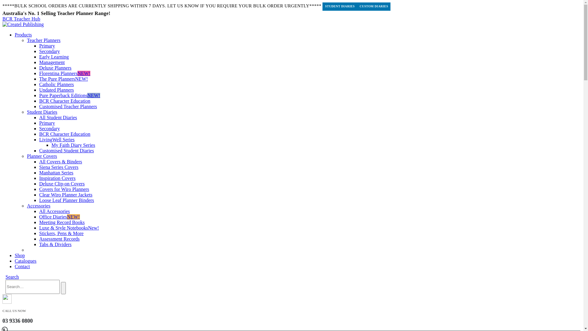  What do you see at coordinates (73, 145) in the screenshot?
I see `'My Faith Diary Series'` at bounding box center [73, 145].